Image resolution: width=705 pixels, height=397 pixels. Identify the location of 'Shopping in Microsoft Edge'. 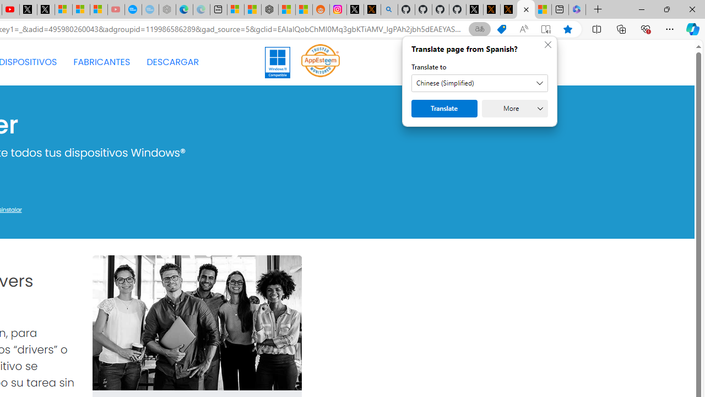
(501, 29).